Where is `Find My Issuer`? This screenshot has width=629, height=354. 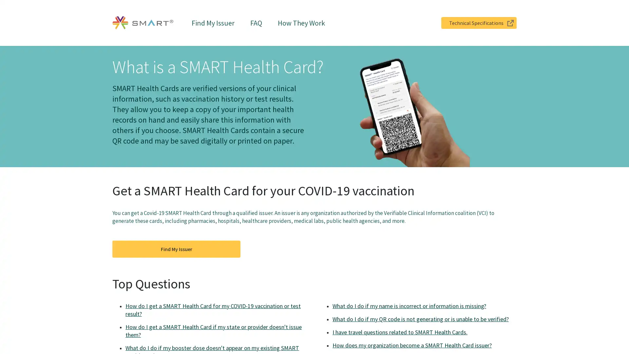
Find My Issuer is located at coordinates (176, 249).